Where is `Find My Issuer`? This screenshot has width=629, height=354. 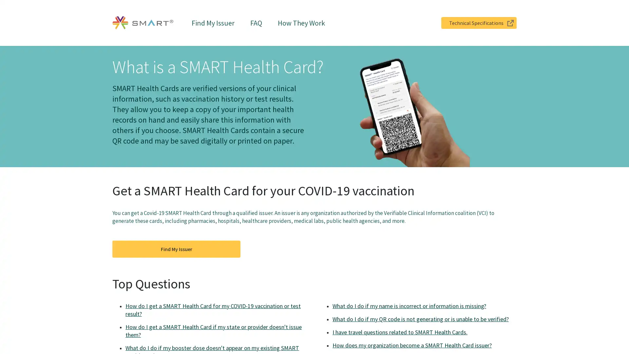
Find My Issuer is located at coordinates (176, 249).